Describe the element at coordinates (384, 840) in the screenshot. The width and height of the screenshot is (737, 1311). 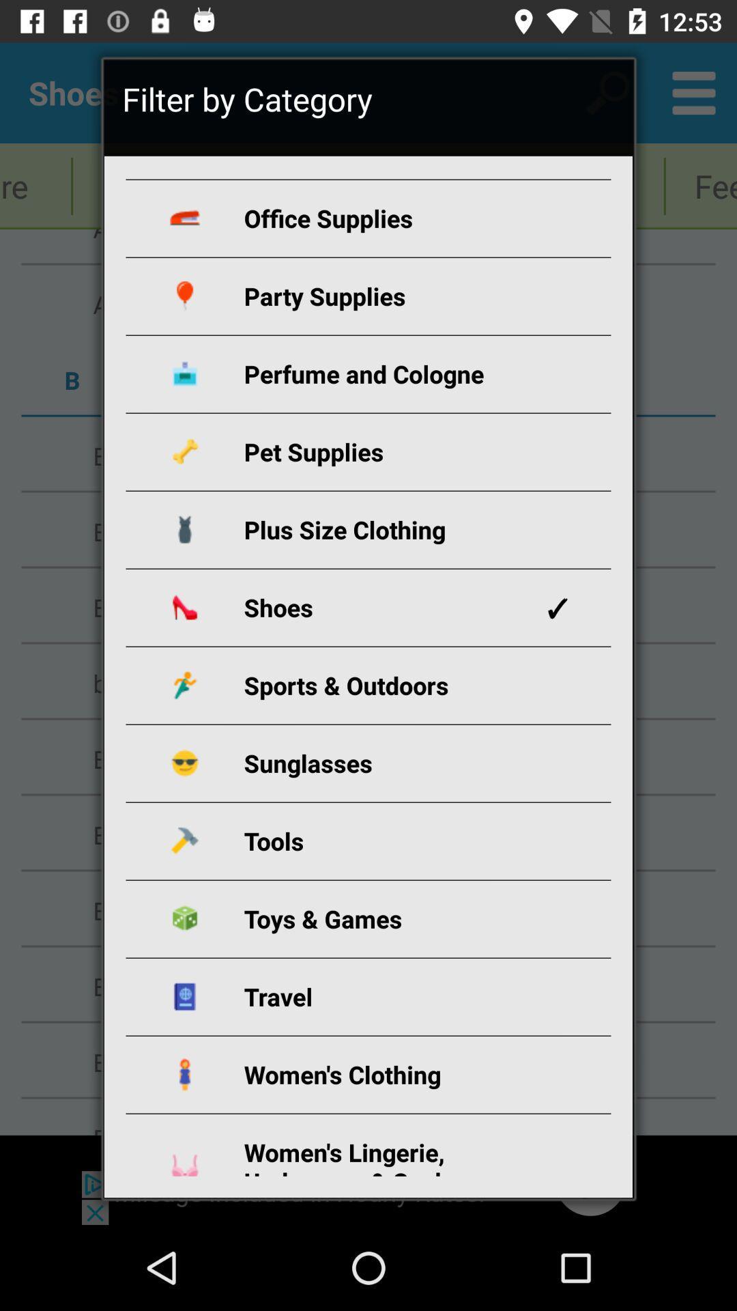
I see `the app above toys & games` at that location.